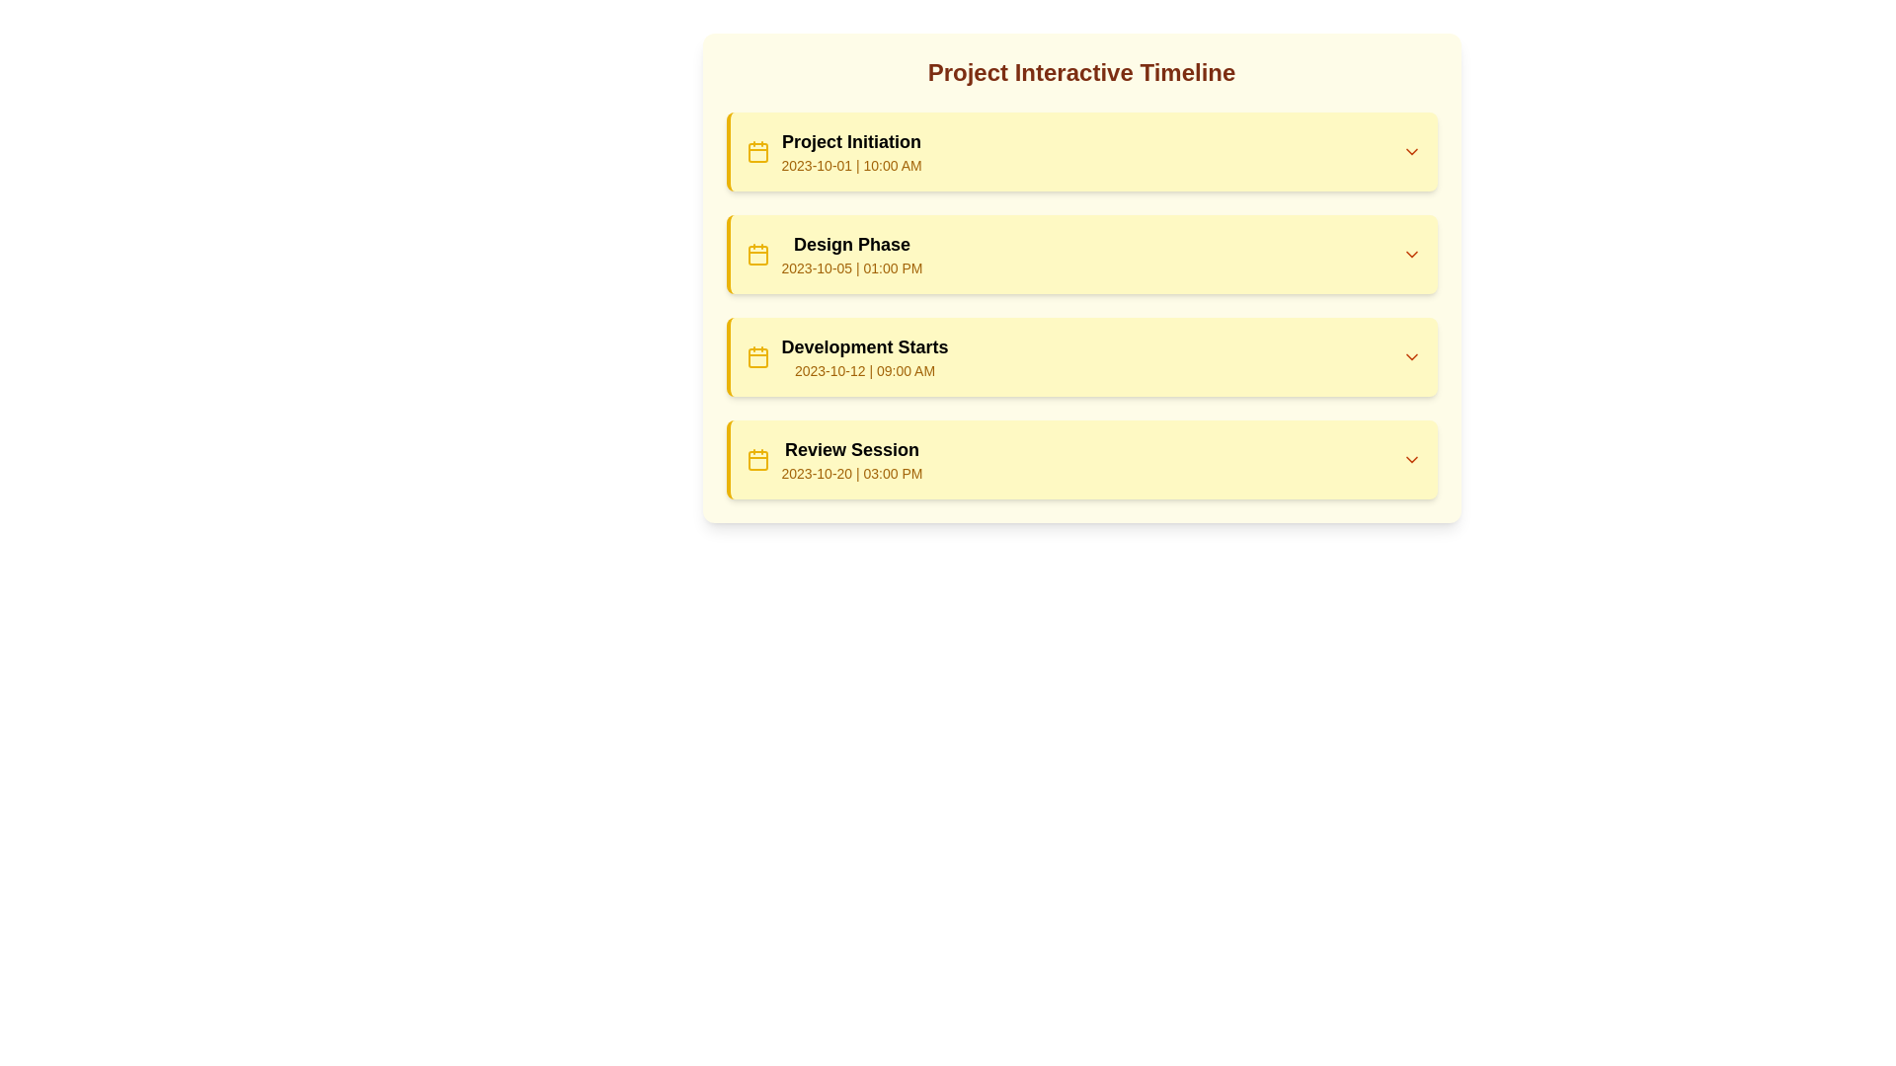 The height and width of the screenshot is (1066, 1896). Describe the element at coordinates (851, 165) in the screenshot. I see `the text label displaying '2023-10-01 | 10:00 AM', which is styled in a small font size and yellowish-brown color, located beneath the 'Project Initiation' heading in the 'Project Interactive Timeline' section` at that location.